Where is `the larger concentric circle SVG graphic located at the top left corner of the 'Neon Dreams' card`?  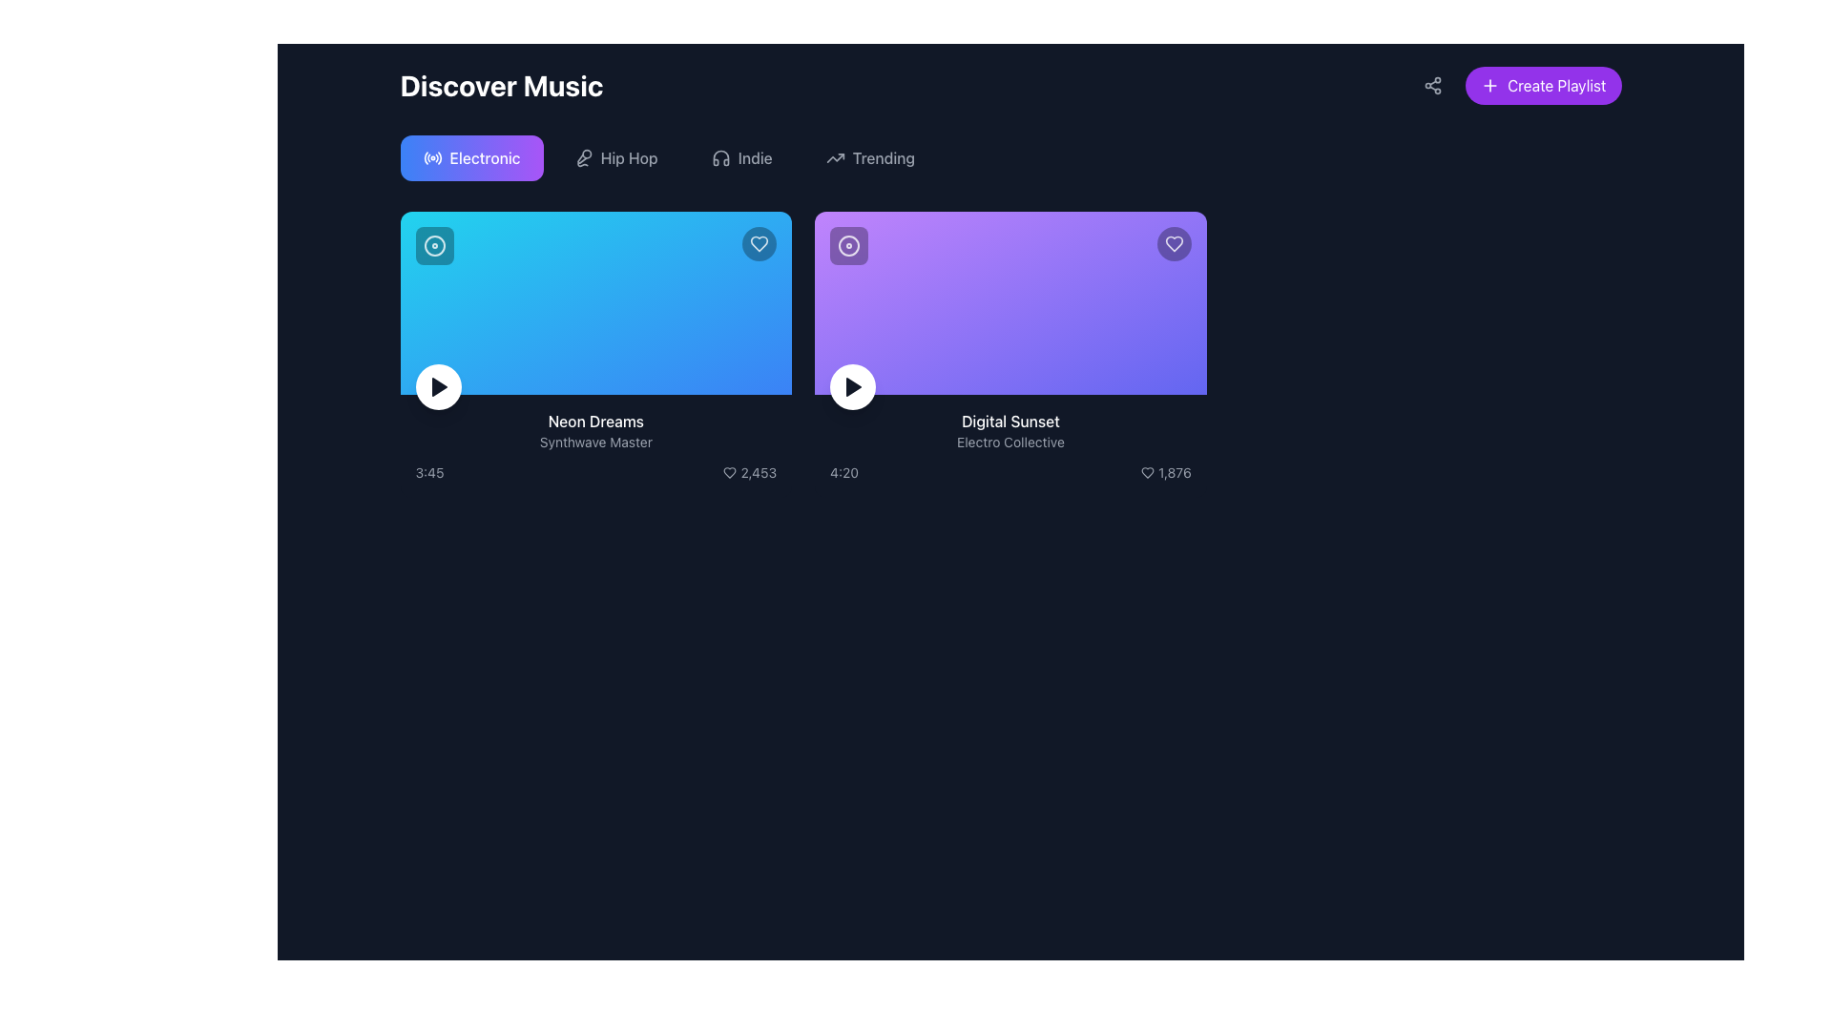 the larger concentric circle SVG graphic located at the top left corner of the 'Neon Dreams' card is located at coordinates (433, 245).